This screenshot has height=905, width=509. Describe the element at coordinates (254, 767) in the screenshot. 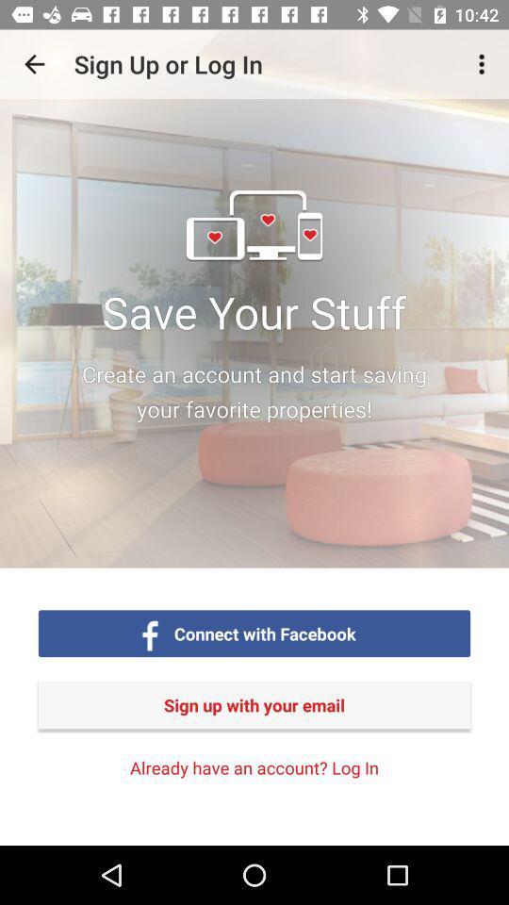

I see `the item below the sign up with item` at that location.